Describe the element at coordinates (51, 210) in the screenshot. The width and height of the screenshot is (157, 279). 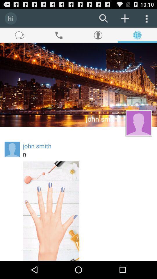
I see `the icon at the bottom left corner` at that location.